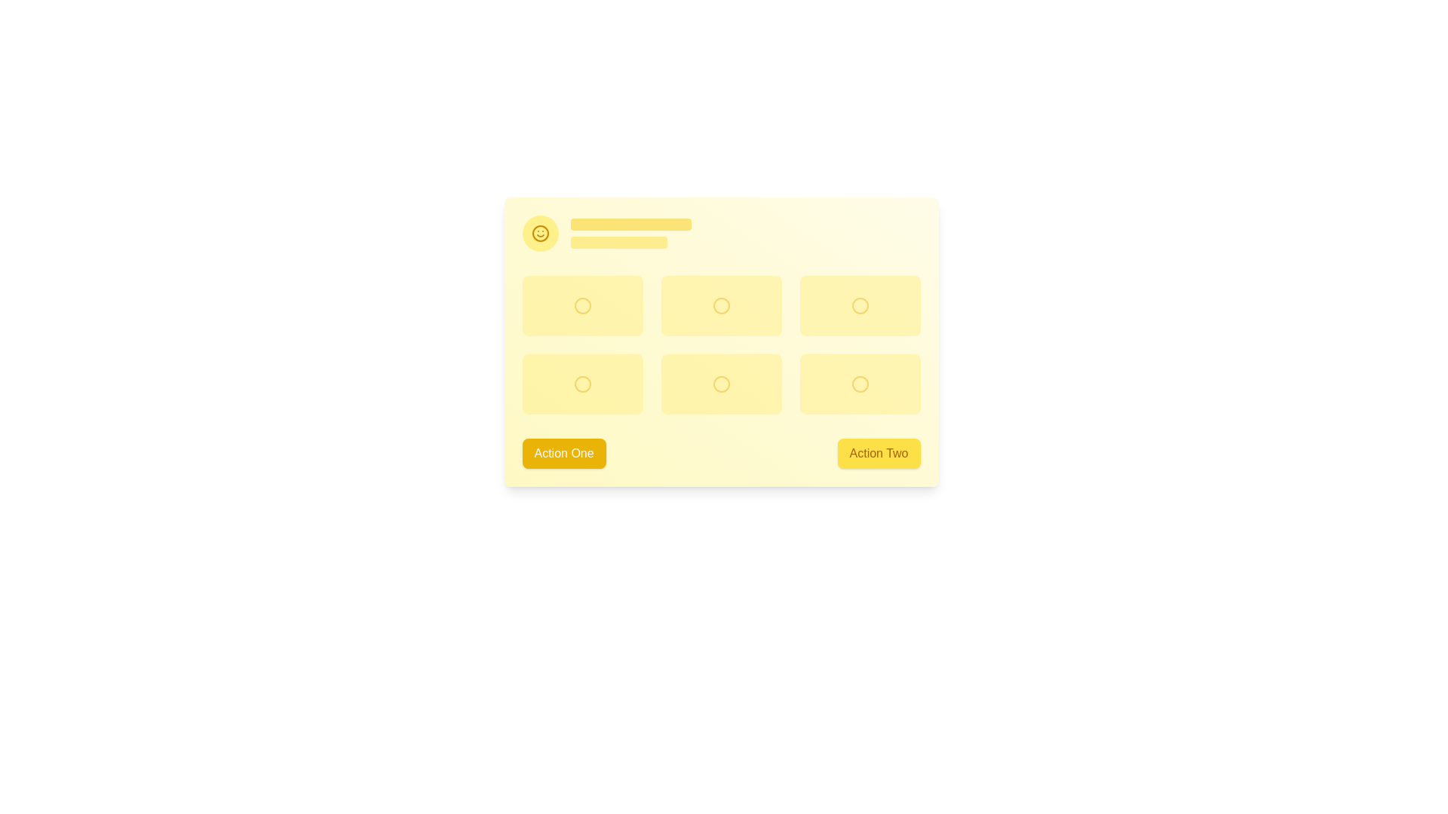 Image resolution: width=1448 pixels, height=814 pixels. Describe the element at coordinates (720, 383) in the screenshot. I see `the rectangular button-like component with a soft yellow background and a centered circular icon` at that location.